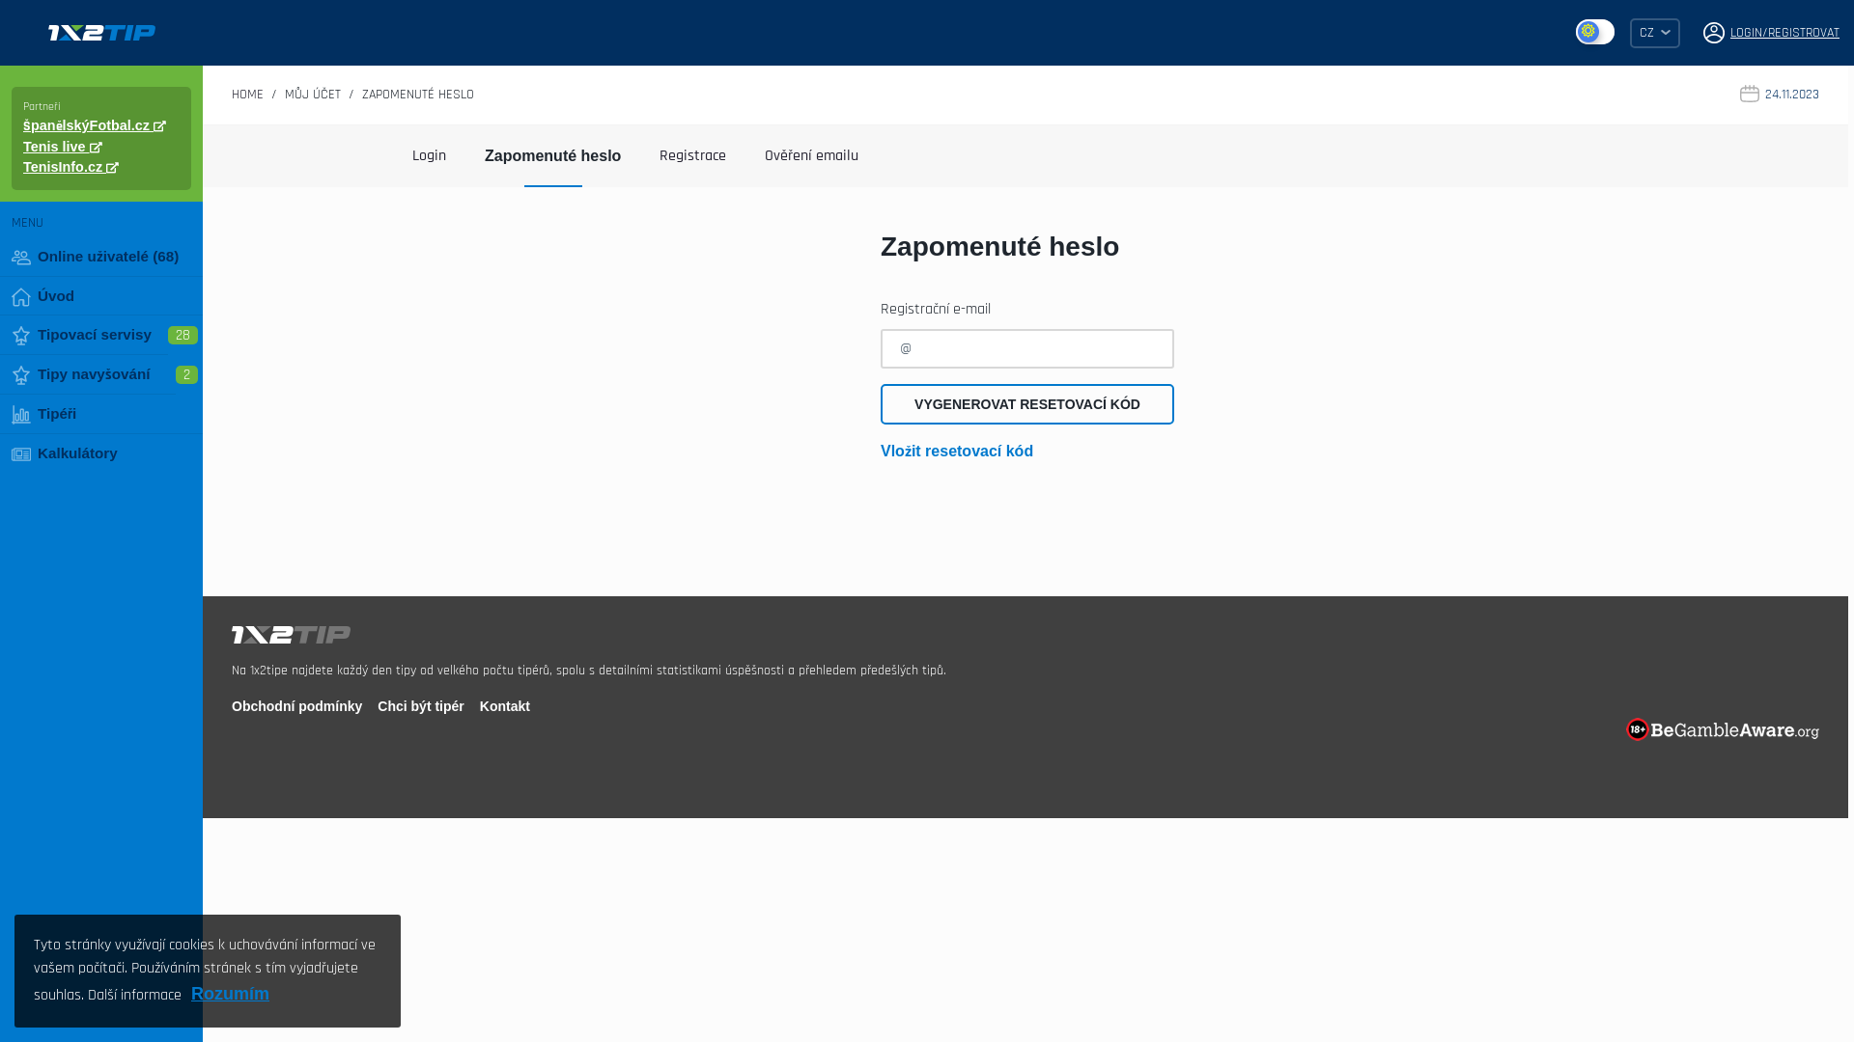 The image size is (1854, 1042). What do you see at coordinates (246, 94) in the screenshot?
I see `'HOME'` at bounding box center [246, 94].